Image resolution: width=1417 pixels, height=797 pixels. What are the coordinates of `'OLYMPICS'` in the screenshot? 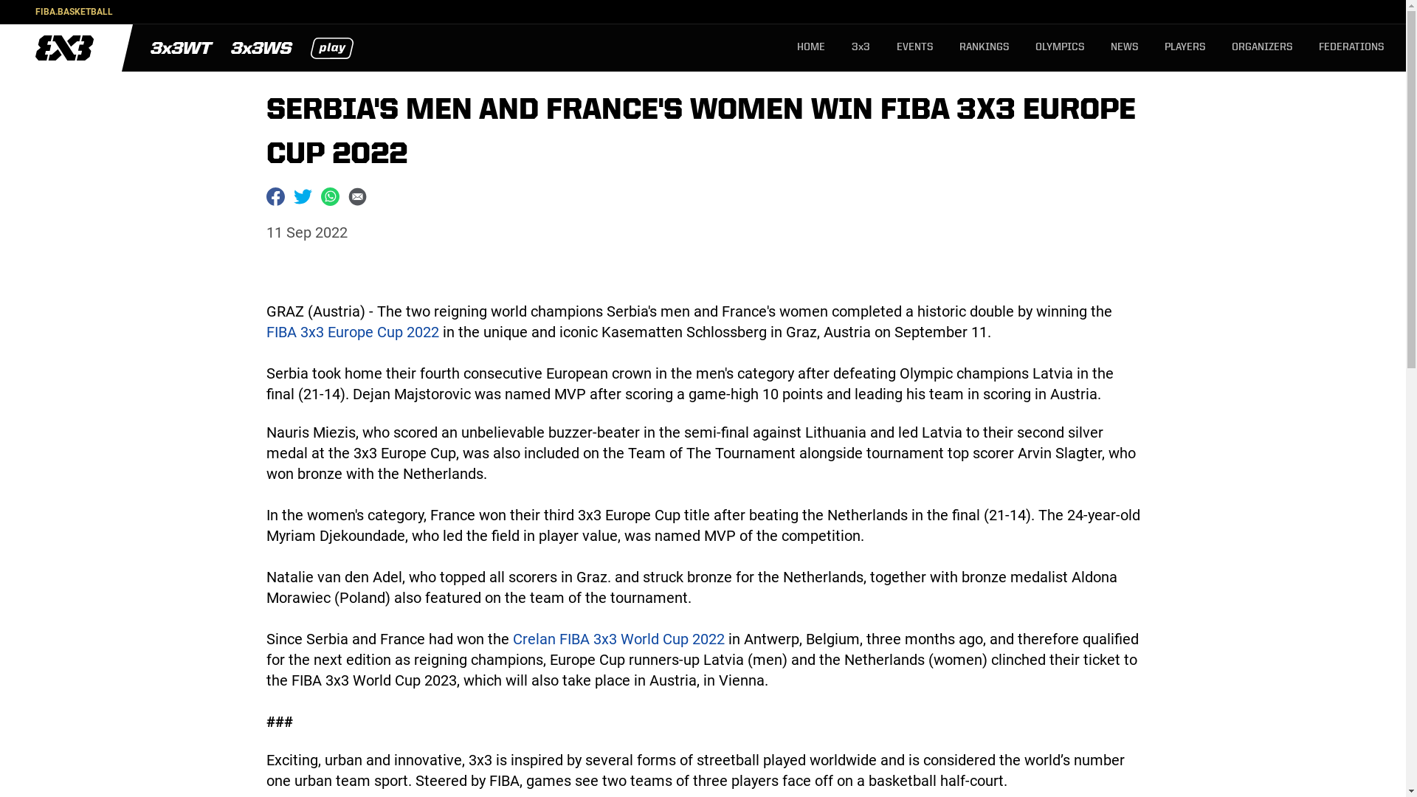 It's located at (1058, 46).